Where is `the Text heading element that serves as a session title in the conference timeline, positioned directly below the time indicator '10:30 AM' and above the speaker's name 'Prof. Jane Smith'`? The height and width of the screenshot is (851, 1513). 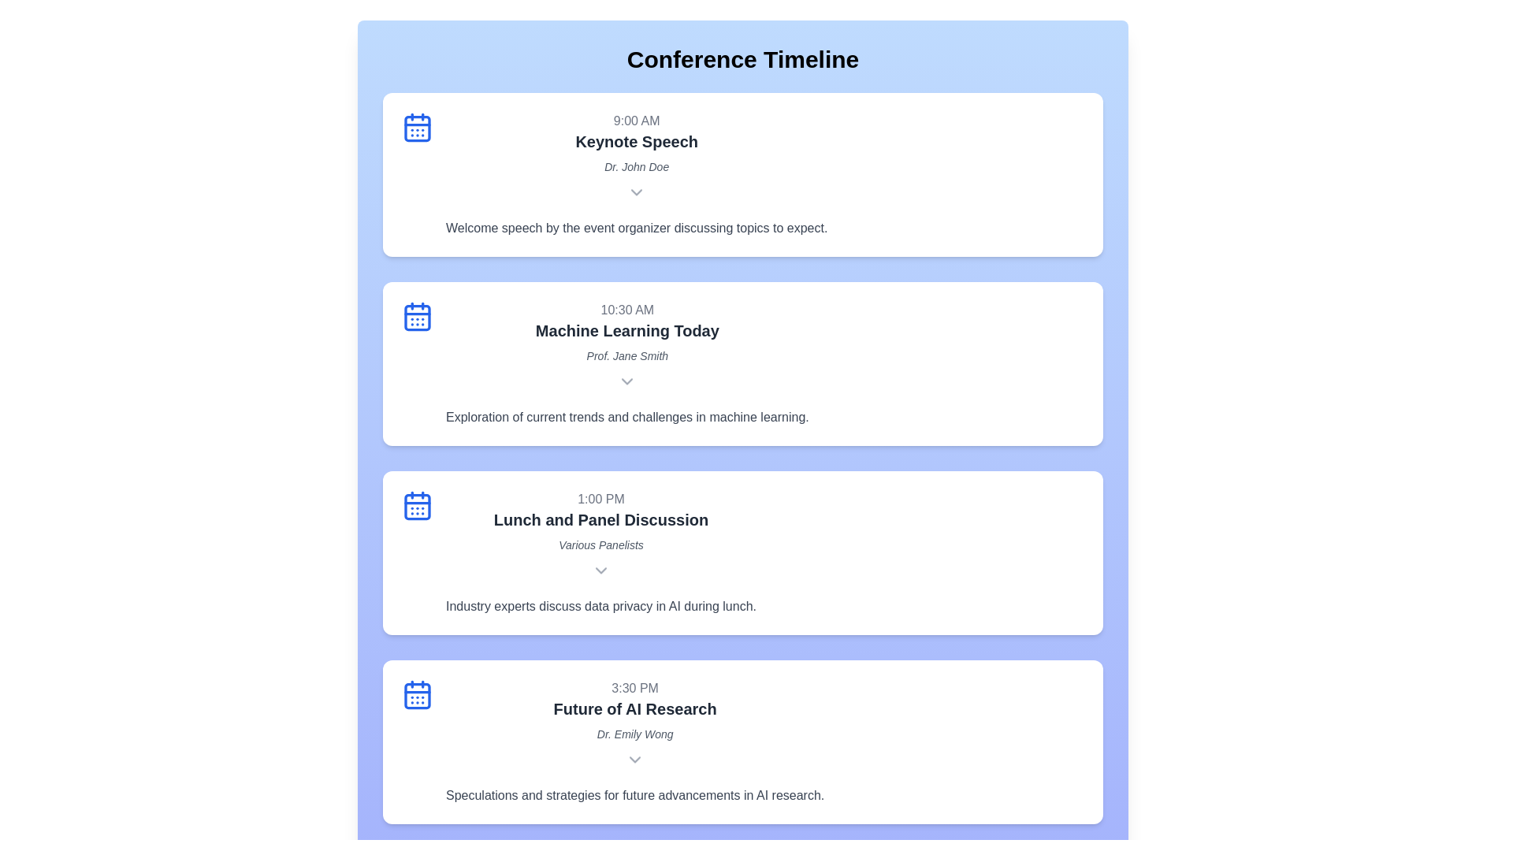
the Text heading element that serves as a session title in the conference timeline, positioned directly below the time indicator '10:30 AM' and above the speaker's name 'Prof. Jane Smith' is located at coordinates (626, 330).